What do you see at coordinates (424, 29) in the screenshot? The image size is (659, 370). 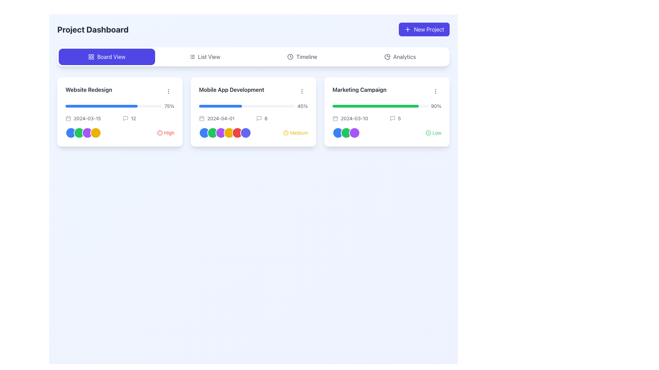 I see `the rectangular button with a purple background and white text labeled 'New Project' to create a new project` at bounding box center [424, 29].